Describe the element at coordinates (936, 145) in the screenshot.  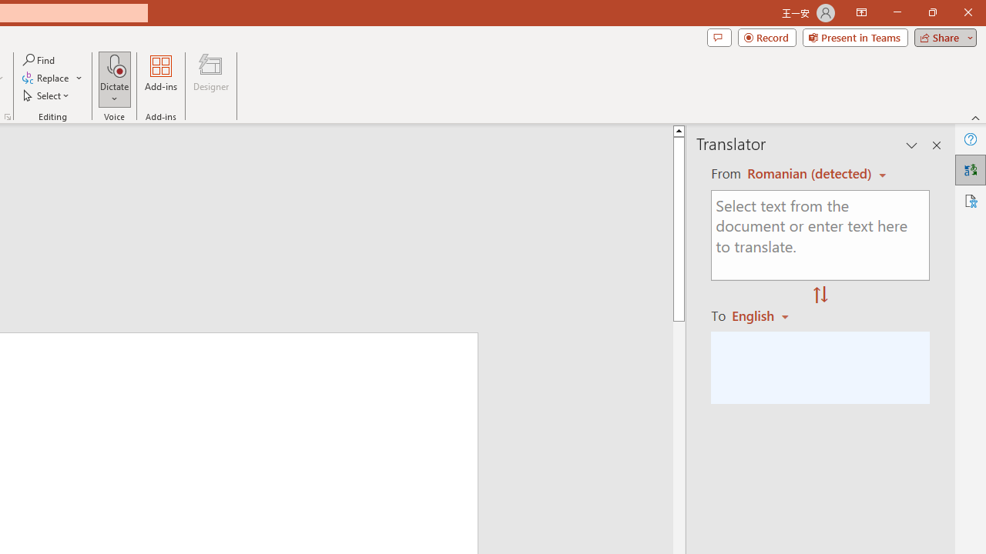
I see `'Close pane'` at that location.